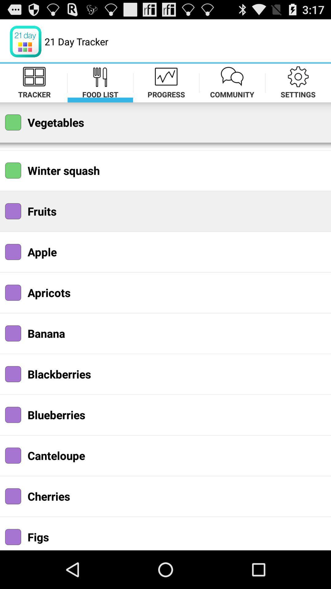 The image size is (331, 589). What do you see at coordinates (13, 252) in the screenshot?
I see `the checkbox left to the apple` at bounding box center [13, 252].